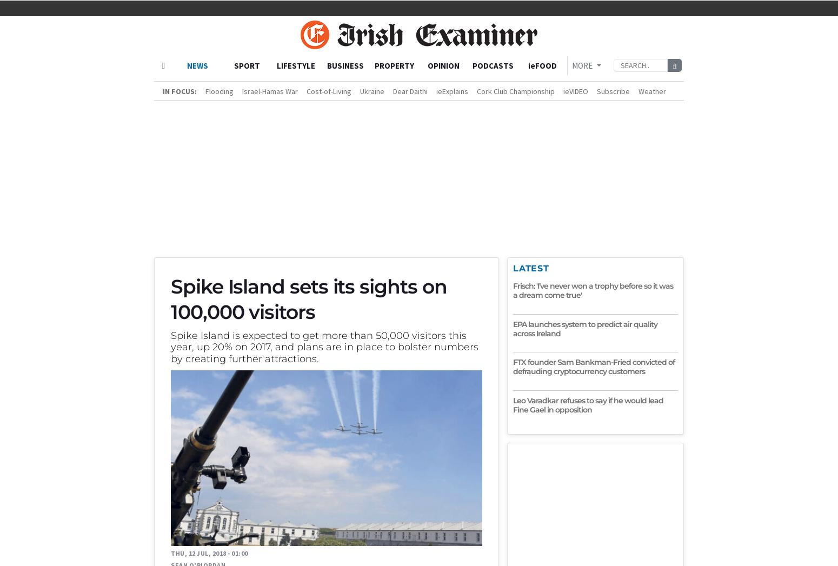  I want to click on 'He said the size and history of the 104-acre island could easily be overwhelming for anyone, but especially so for someone with a limited grasp of English. “So, using visual aids and multi-language print, audio, and video resources we want to create a space that opens up our stories to the entire world and make us a go-to destination for all international visitors.”', so click(329, 47).